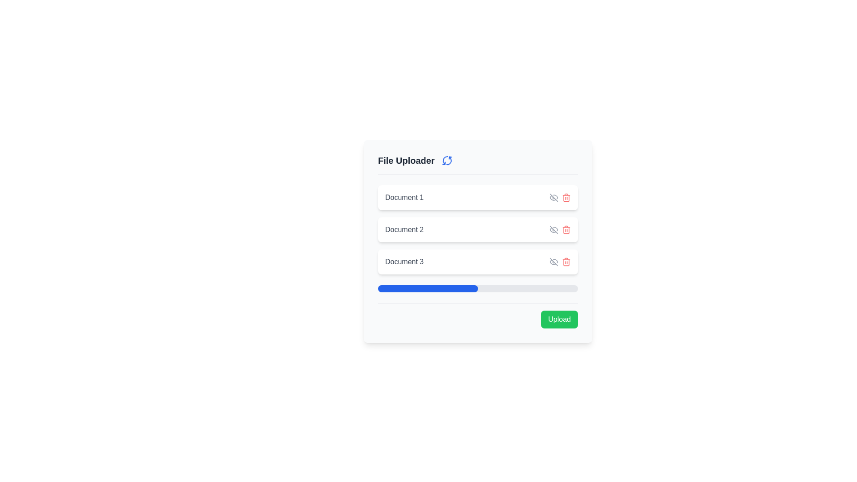  Describe the element at coordinates (477, 197) in the screenshot. I see `the first document entry card in the file uploader interface` at that location.